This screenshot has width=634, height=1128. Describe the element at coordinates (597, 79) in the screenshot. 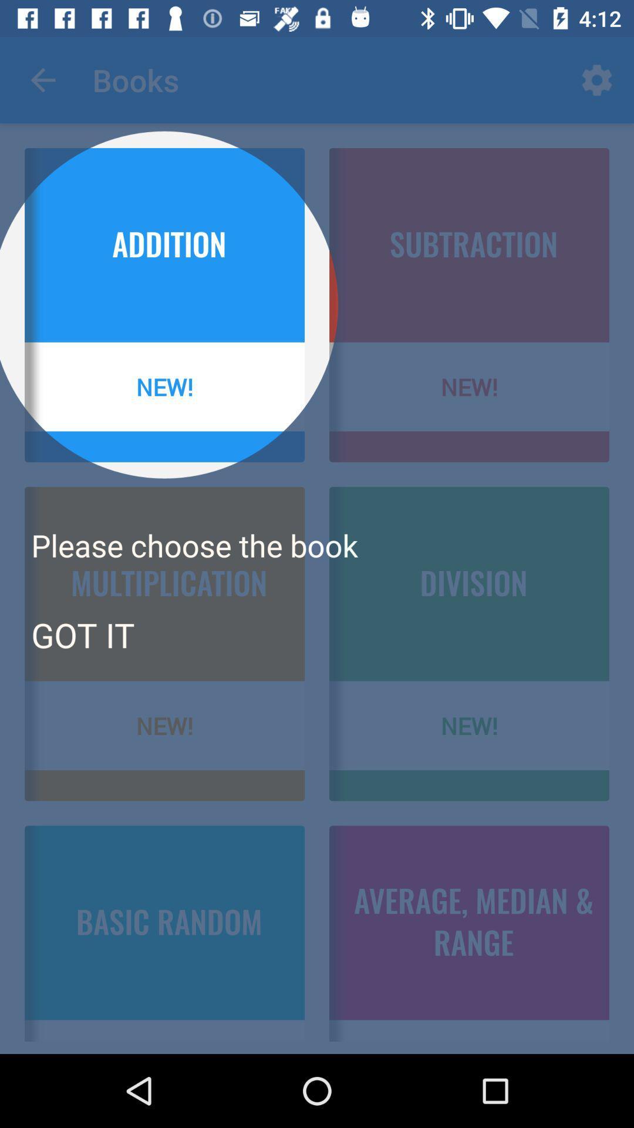

I see `the icon to the right of the books app` at that location.